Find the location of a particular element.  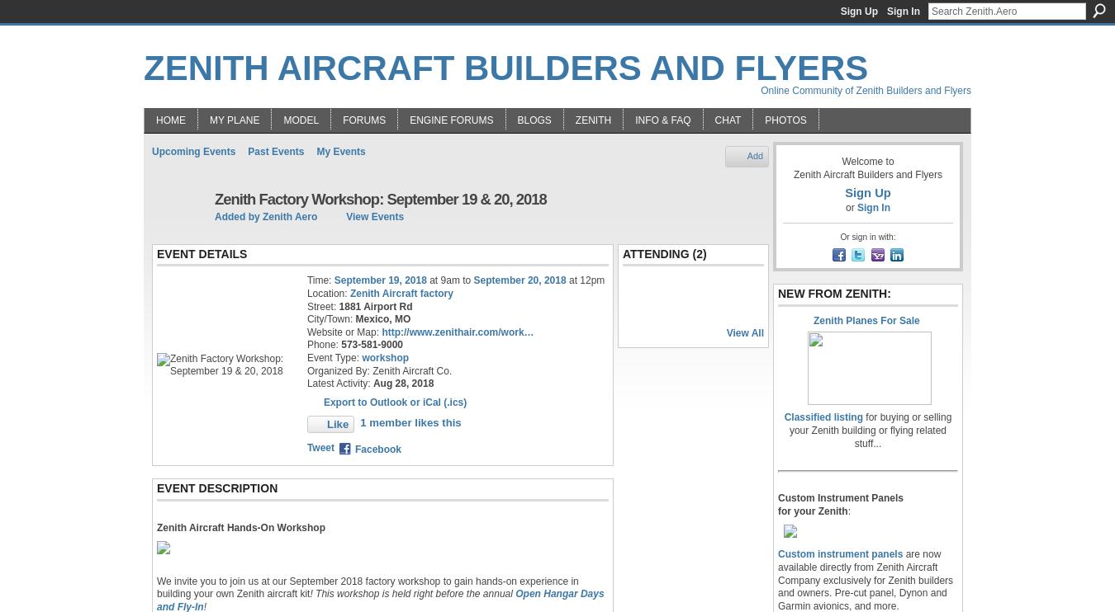

'Website or Map:' is located at coordinates (344, 332).